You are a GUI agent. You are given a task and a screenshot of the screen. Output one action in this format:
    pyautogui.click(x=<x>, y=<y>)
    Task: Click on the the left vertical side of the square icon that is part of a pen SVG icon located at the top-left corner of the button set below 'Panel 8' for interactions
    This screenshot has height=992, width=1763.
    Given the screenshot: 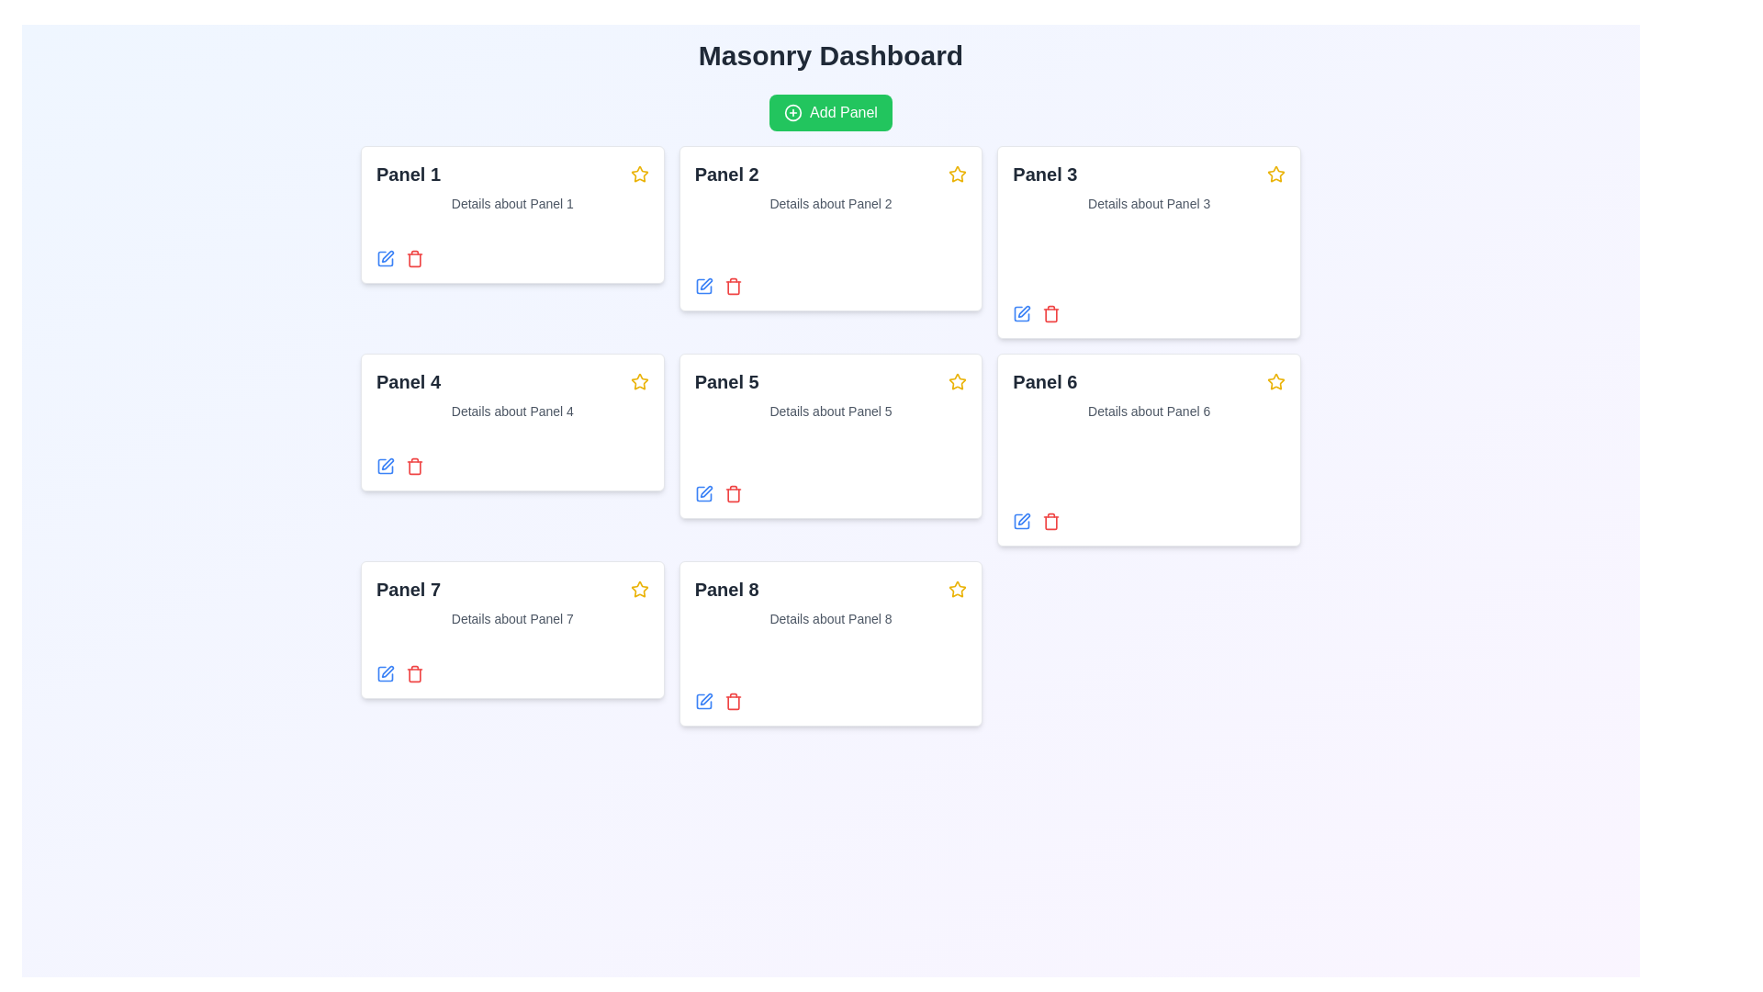 What is the action you would take?
    pyautogui.click(x=702, y=287)
    